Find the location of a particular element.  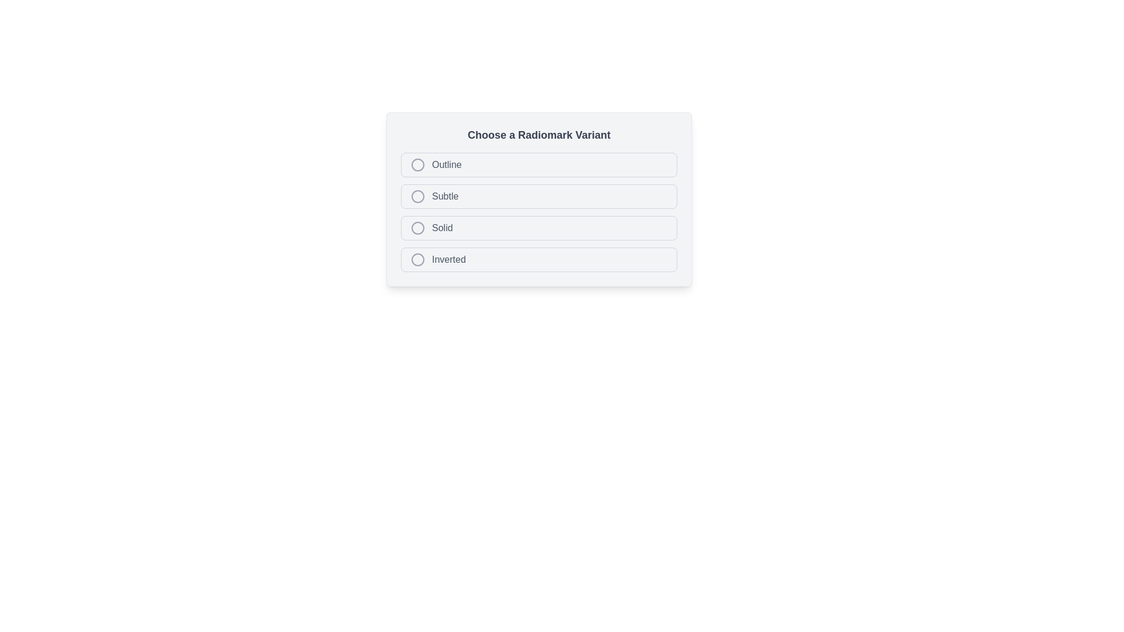

the 'Inverted' text label, which is the fourth option in the selectable radiomarks is located at coordinates (448, 259).